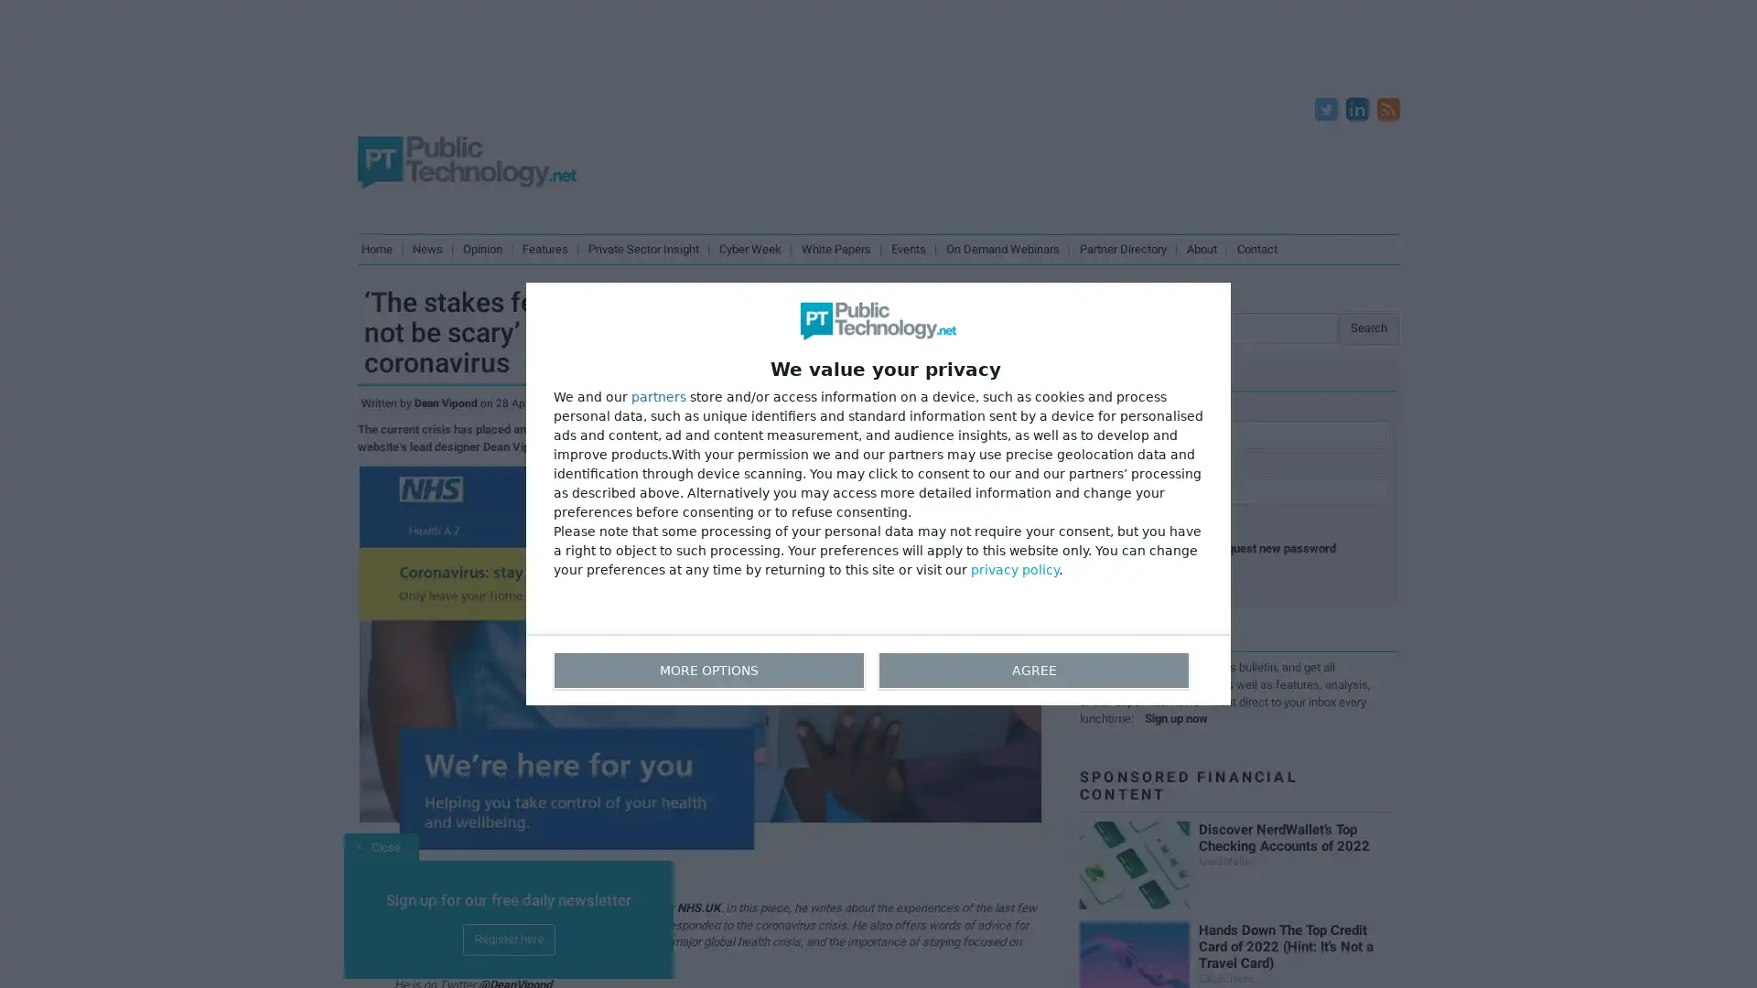 This screenshot has width=1757, height=988. What do you see at coordinates (1367, 327) in the screenshot?
I see `Search` at bounding box center [1367, 327].